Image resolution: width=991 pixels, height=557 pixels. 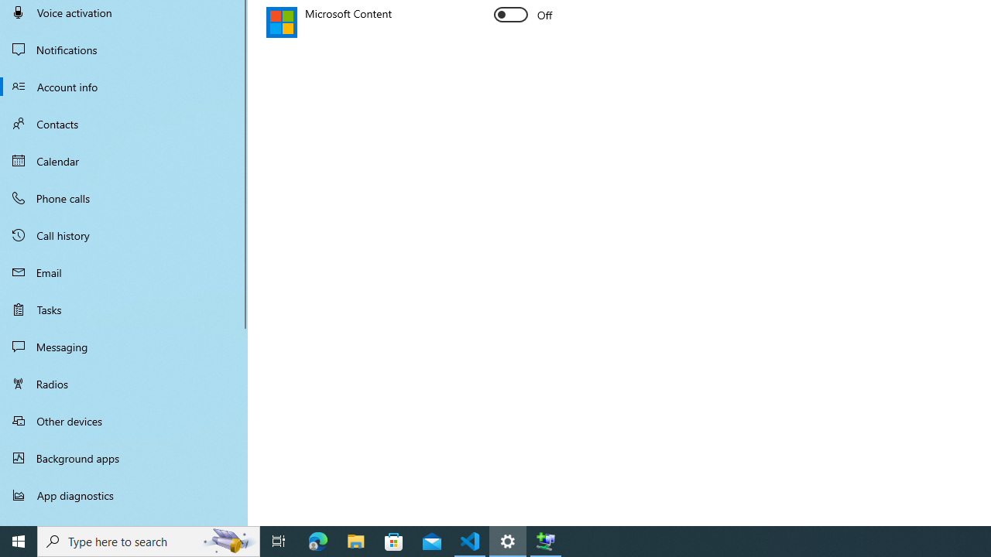 I want to click on 'Microsoft Edge', so click(x=317, y=540).